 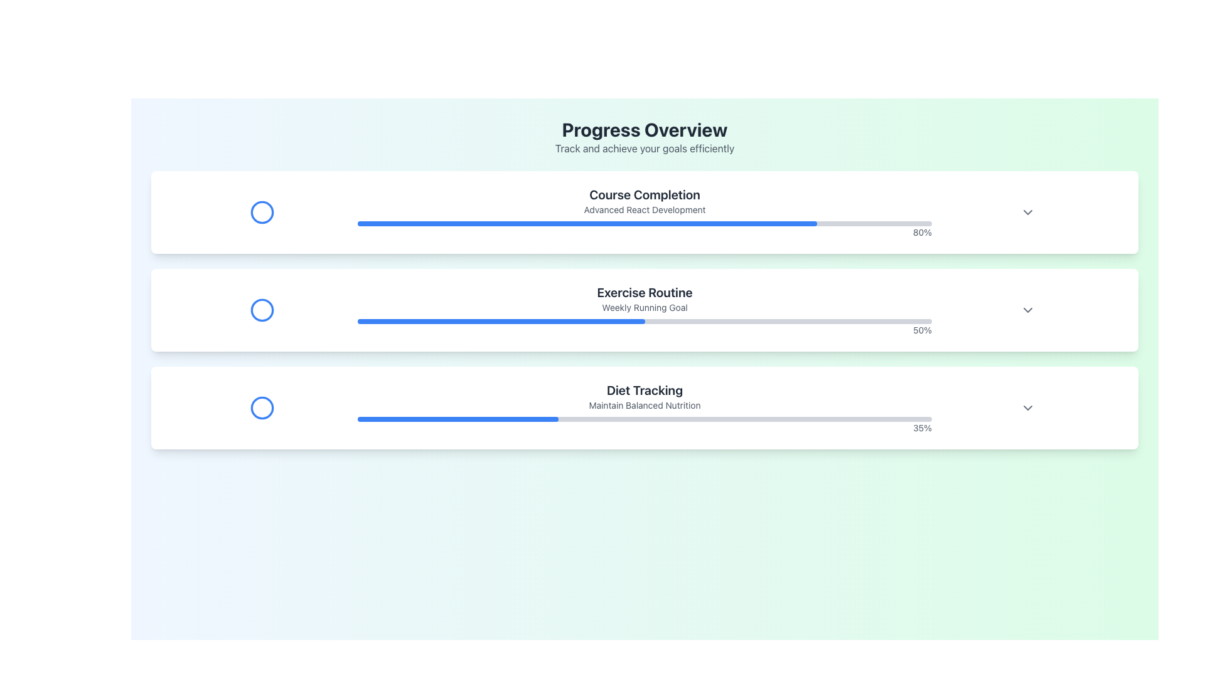 I want to click on the circular icon that serves as a progress indicator for the 'Course Completion' task, located in the top progress bar card, so click(x=261, y=212).